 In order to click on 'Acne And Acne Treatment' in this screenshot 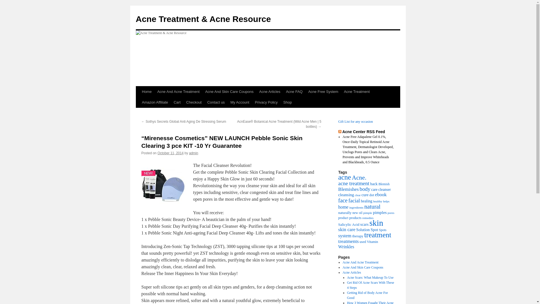, I will do `click(360, 262)`.